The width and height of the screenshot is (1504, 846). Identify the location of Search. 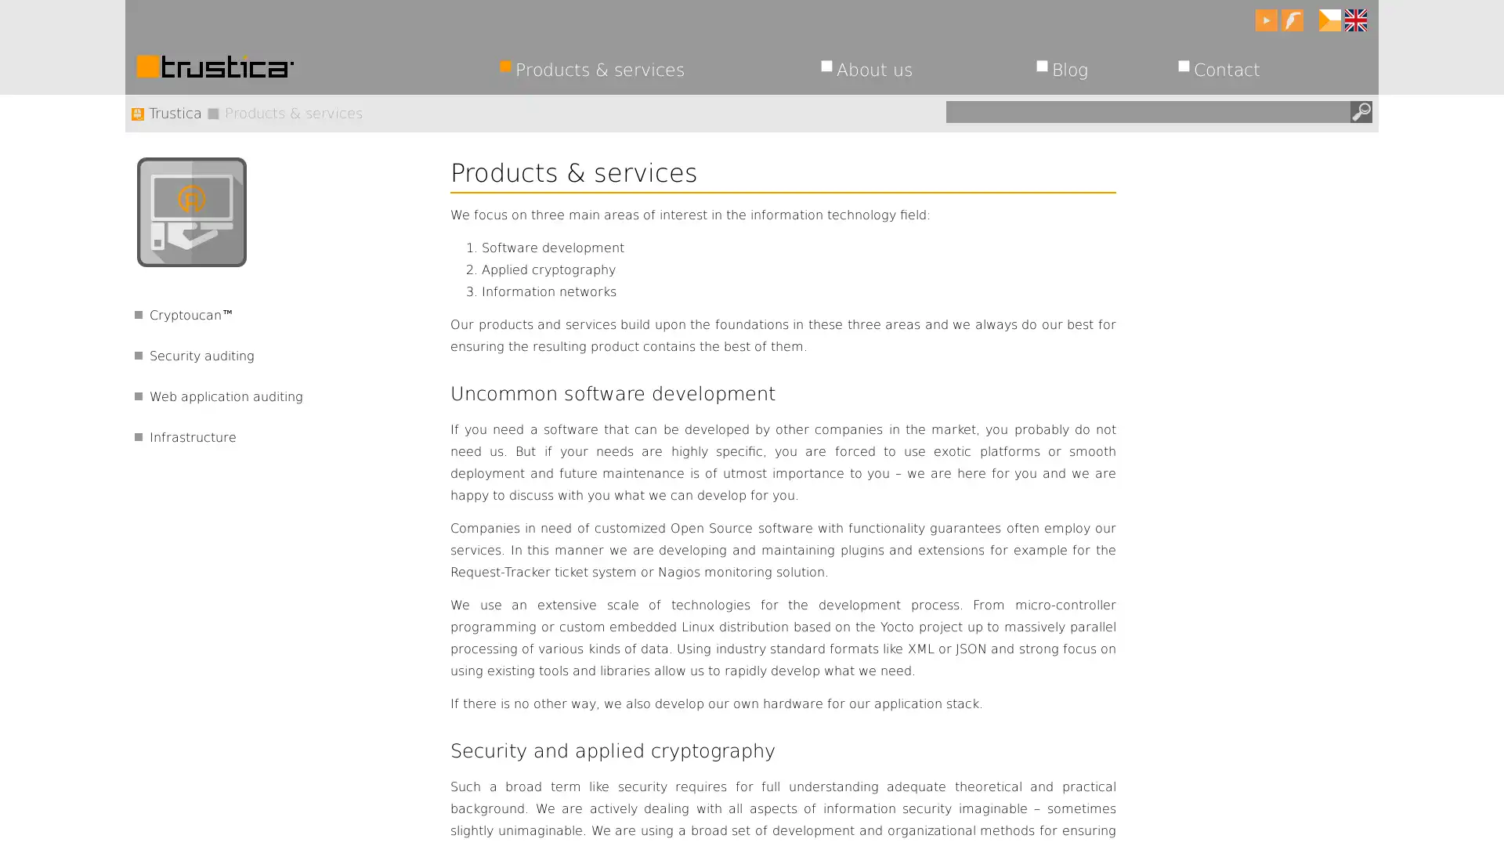
(1360, 110).